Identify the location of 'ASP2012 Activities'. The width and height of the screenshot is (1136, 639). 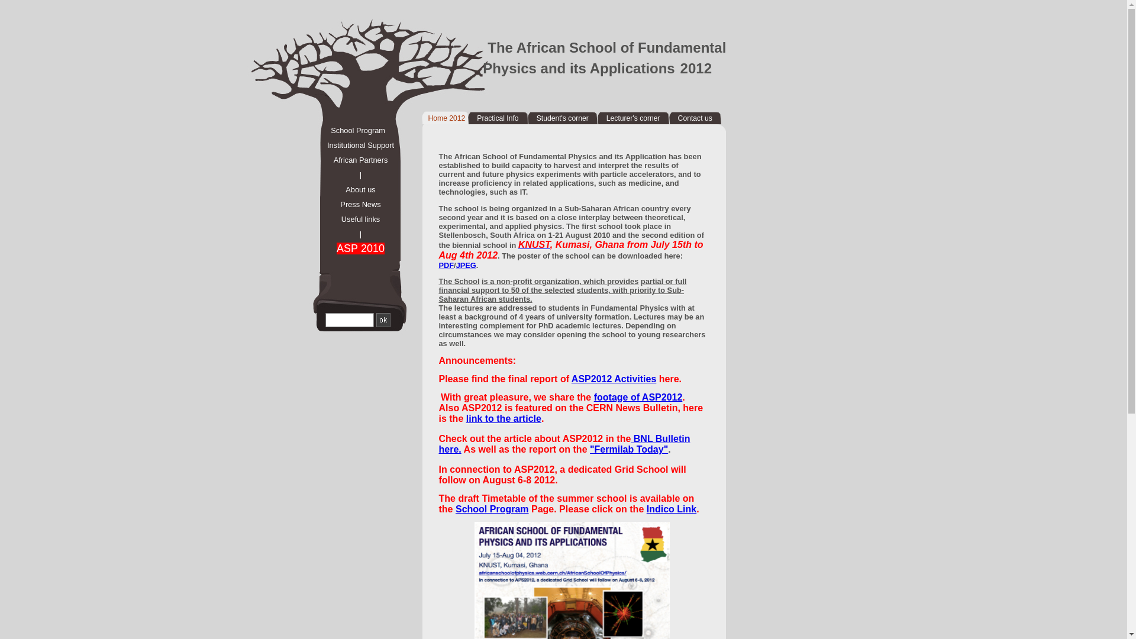
(571, 379).